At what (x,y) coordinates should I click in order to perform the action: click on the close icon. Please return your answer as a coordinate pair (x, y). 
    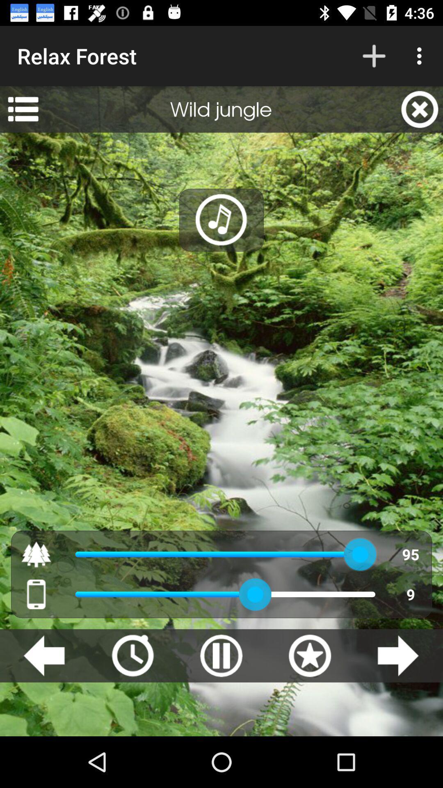
    Looking at the image, I should click on (420, 109).